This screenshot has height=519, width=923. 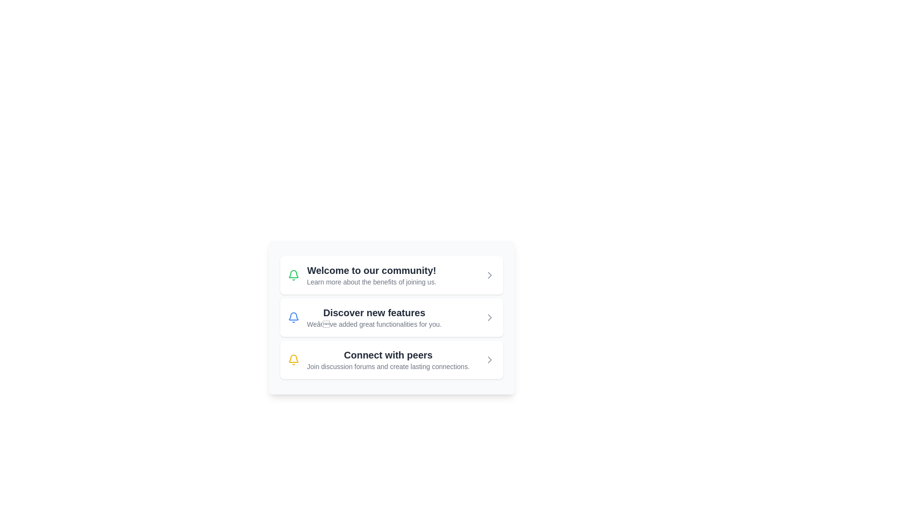 I want to click on the Text Label that serves as a title or heading for the subsection, positioned between 'Welcome to our community!' and 'Connect with peers', so click(x=374, y=313).